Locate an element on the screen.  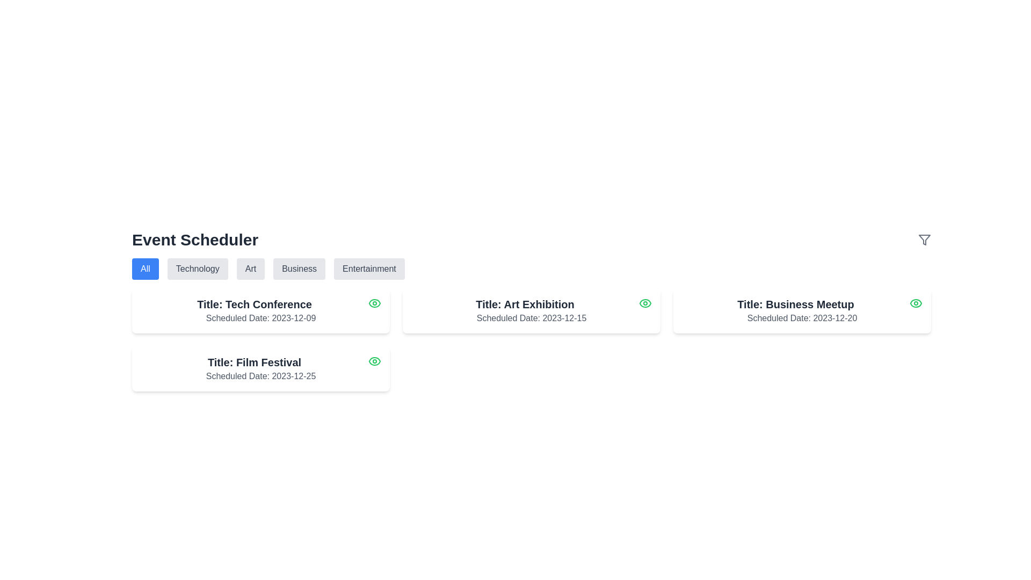
the fourth button in the horizontal group of five buttons is located at coordinates (299, 269).